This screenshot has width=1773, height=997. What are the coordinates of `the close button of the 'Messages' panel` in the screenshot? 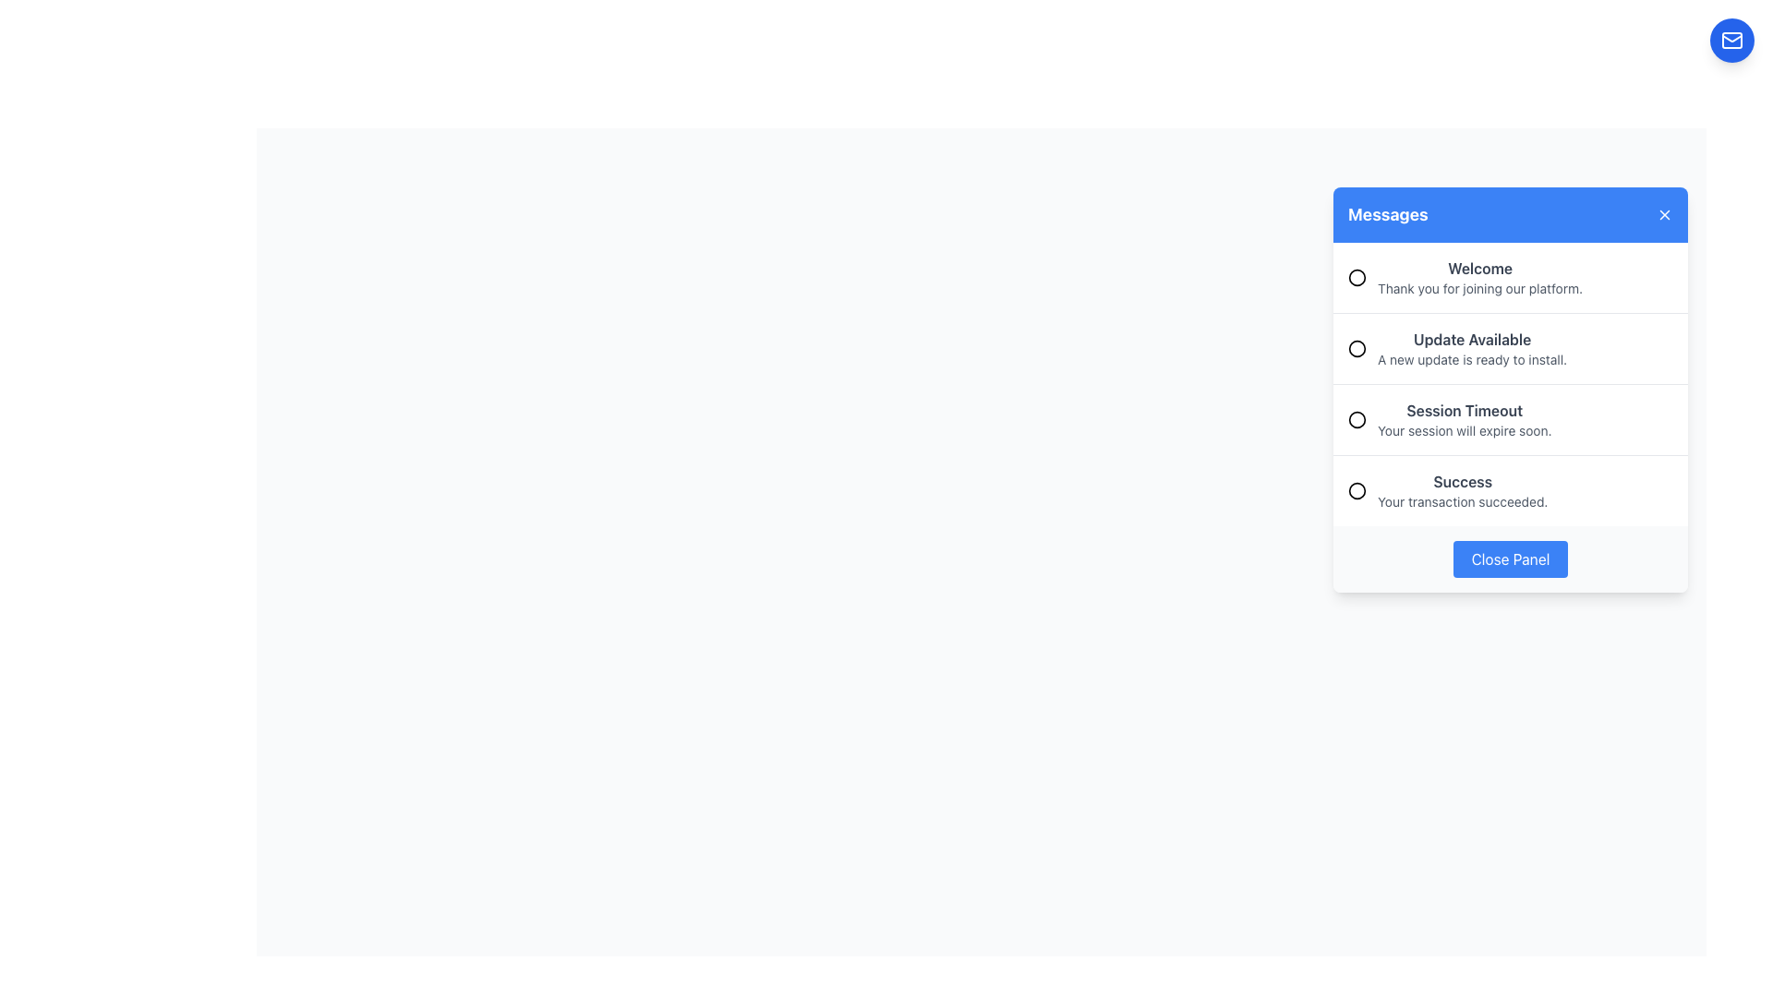 It's located at (1511, 558).